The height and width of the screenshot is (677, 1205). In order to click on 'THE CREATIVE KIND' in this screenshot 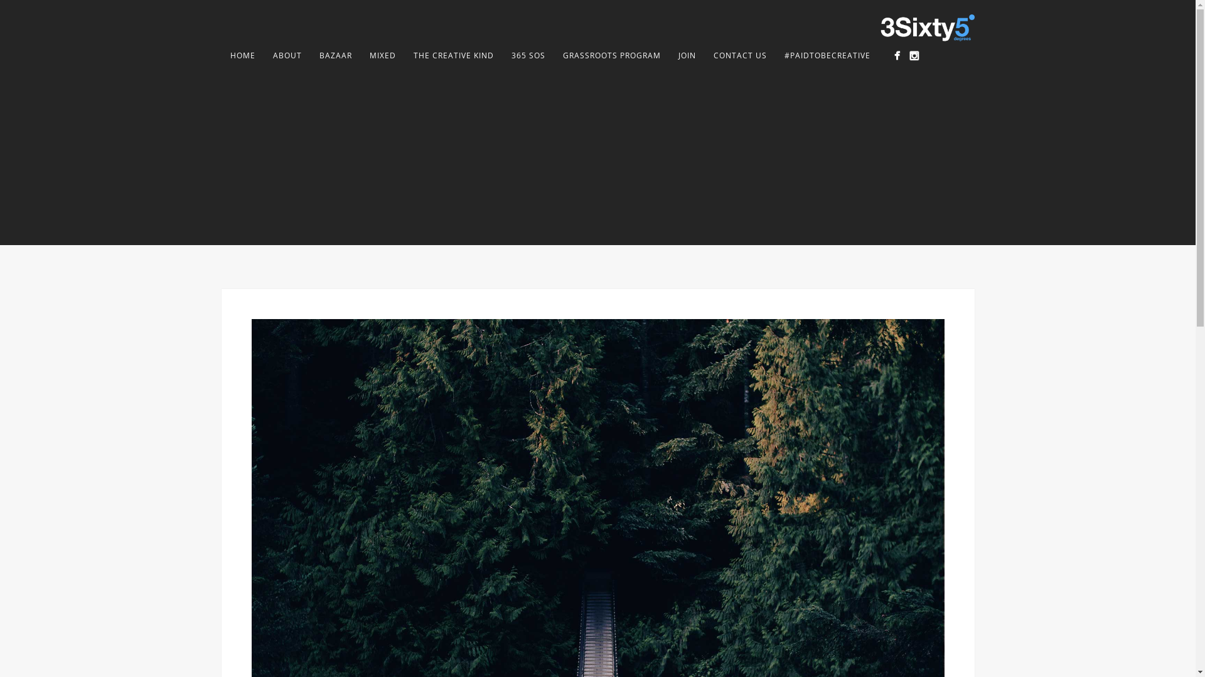, I will do `click(452, 55)`.